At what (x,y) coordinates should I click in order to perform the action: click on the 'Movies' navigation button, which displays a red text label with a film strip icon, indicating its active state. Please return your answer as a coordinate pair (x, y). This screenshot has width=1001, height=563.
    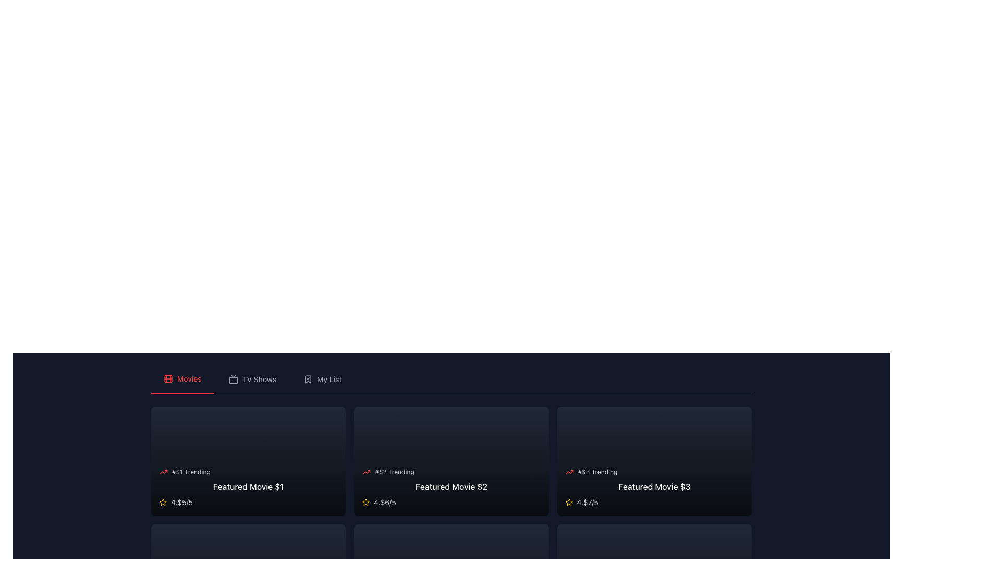
    Looking at the image, I should click on (182, 380).